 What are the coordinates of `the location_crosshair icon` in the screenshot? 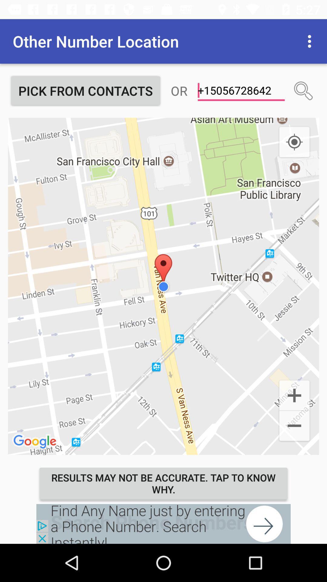 It's located at (294, 142).